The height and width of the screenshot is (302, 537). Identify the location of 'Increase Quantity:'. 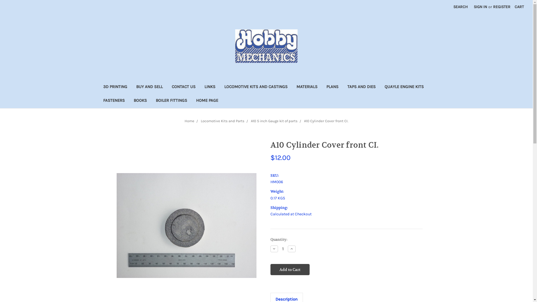
(291, 249).